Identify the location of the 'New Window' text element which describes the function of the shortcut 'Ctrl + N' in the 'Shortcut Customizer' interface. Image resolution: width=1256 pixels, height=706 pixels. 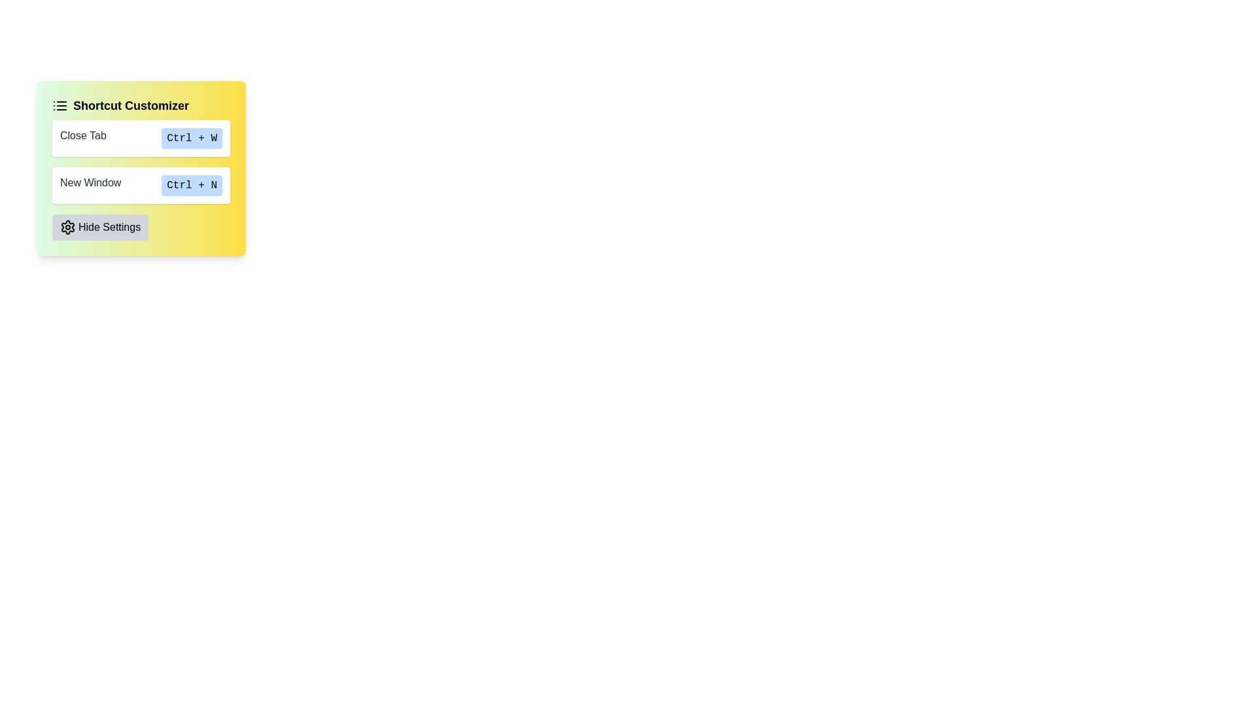
(90, 186).